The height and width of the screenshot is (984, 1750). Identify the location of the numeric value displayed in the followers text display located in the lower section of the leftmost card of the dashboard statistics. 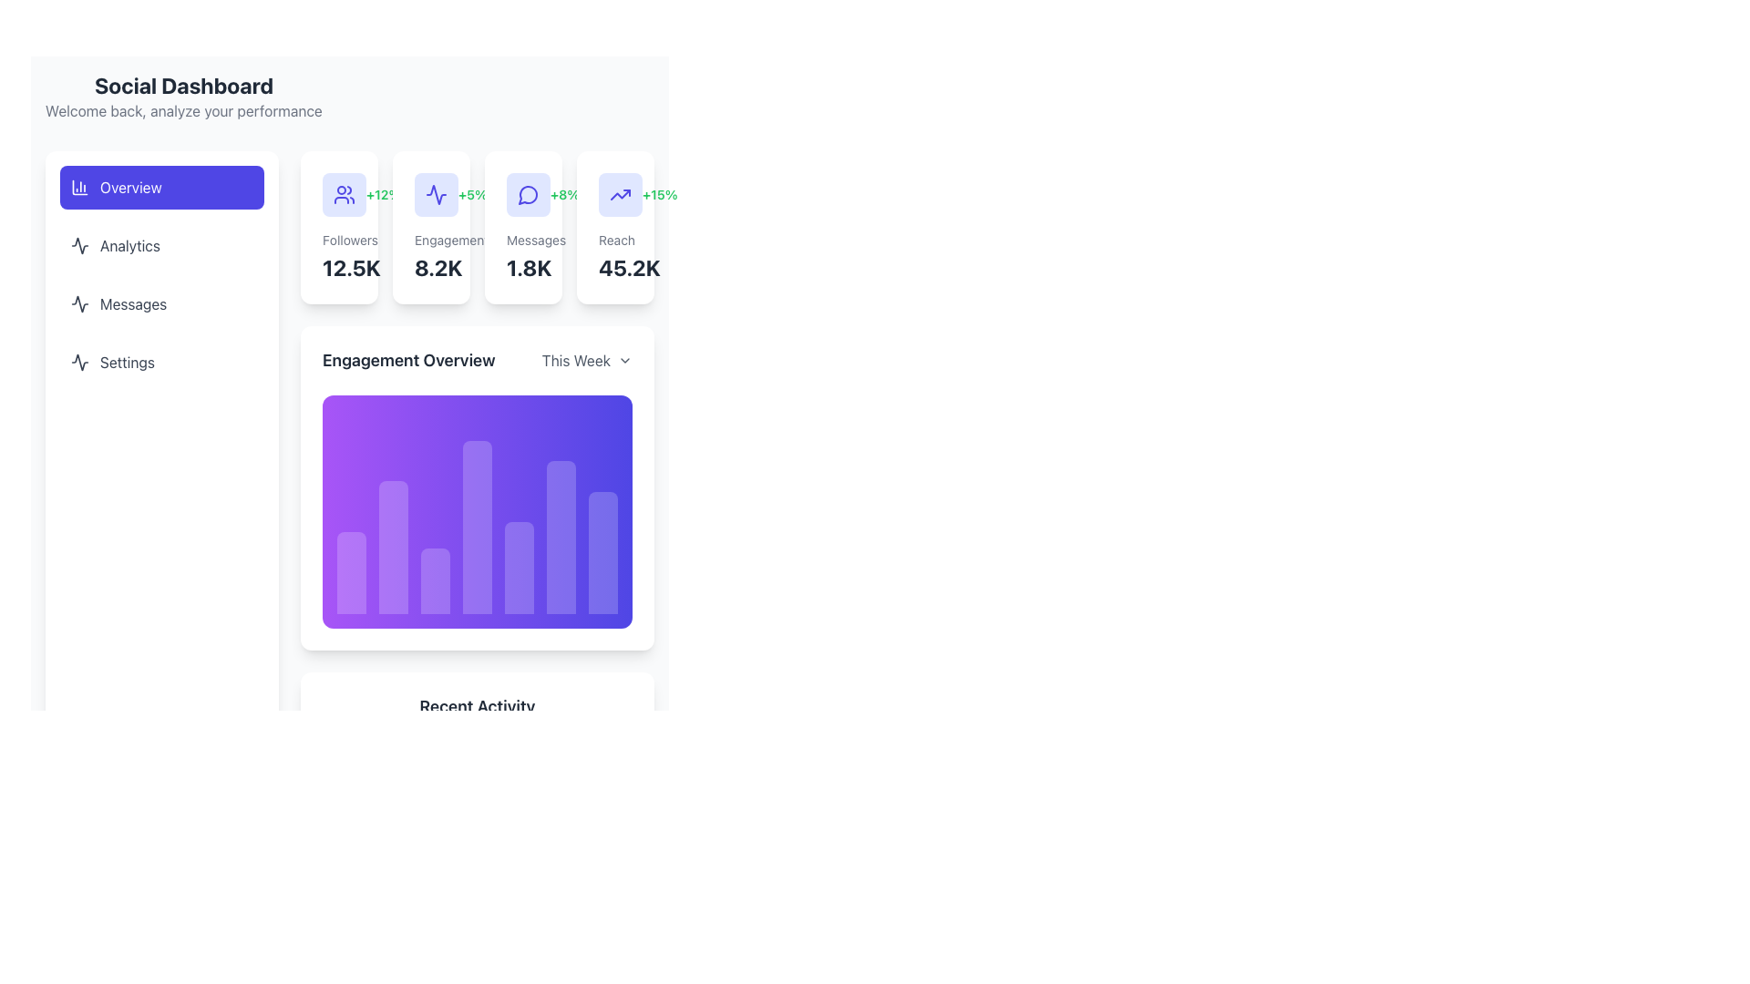
(339, 267).